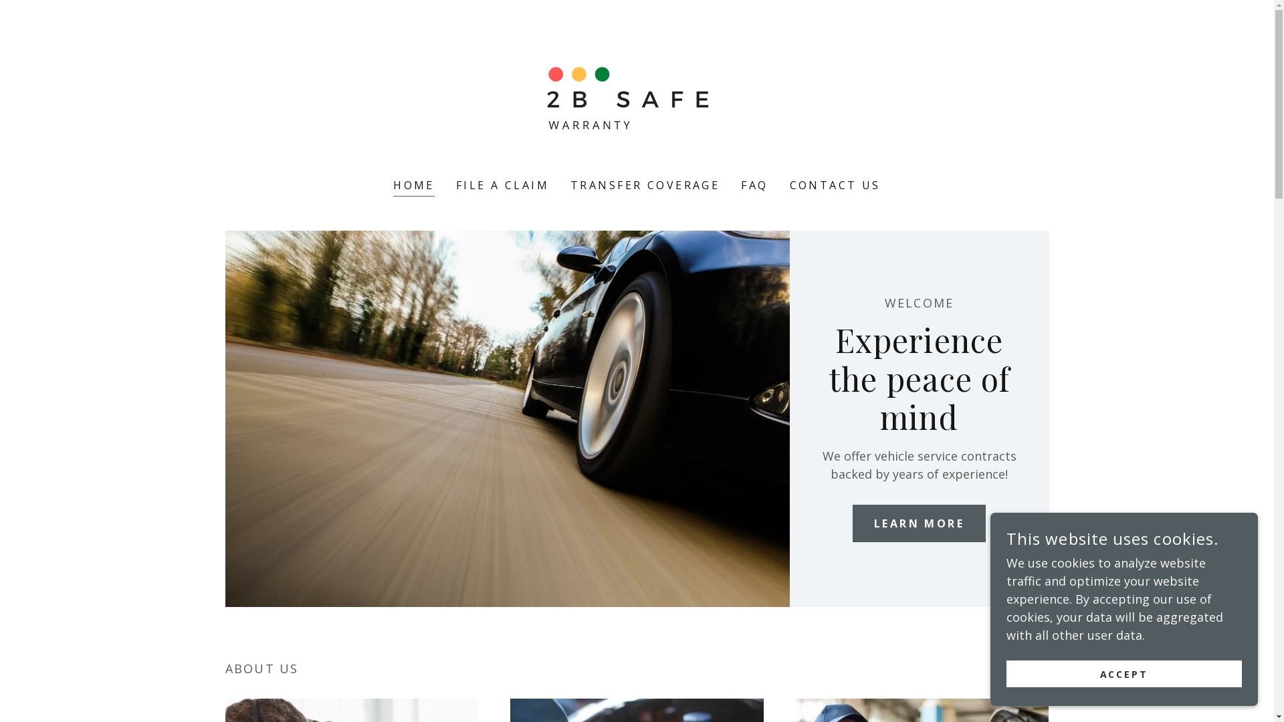 The width and height of the screenshot is (1284, 722). What do you see at coordinates (1123, 673) in the screenshot?
I see `'ACCEPT'` at bounding box center [1123, 673].